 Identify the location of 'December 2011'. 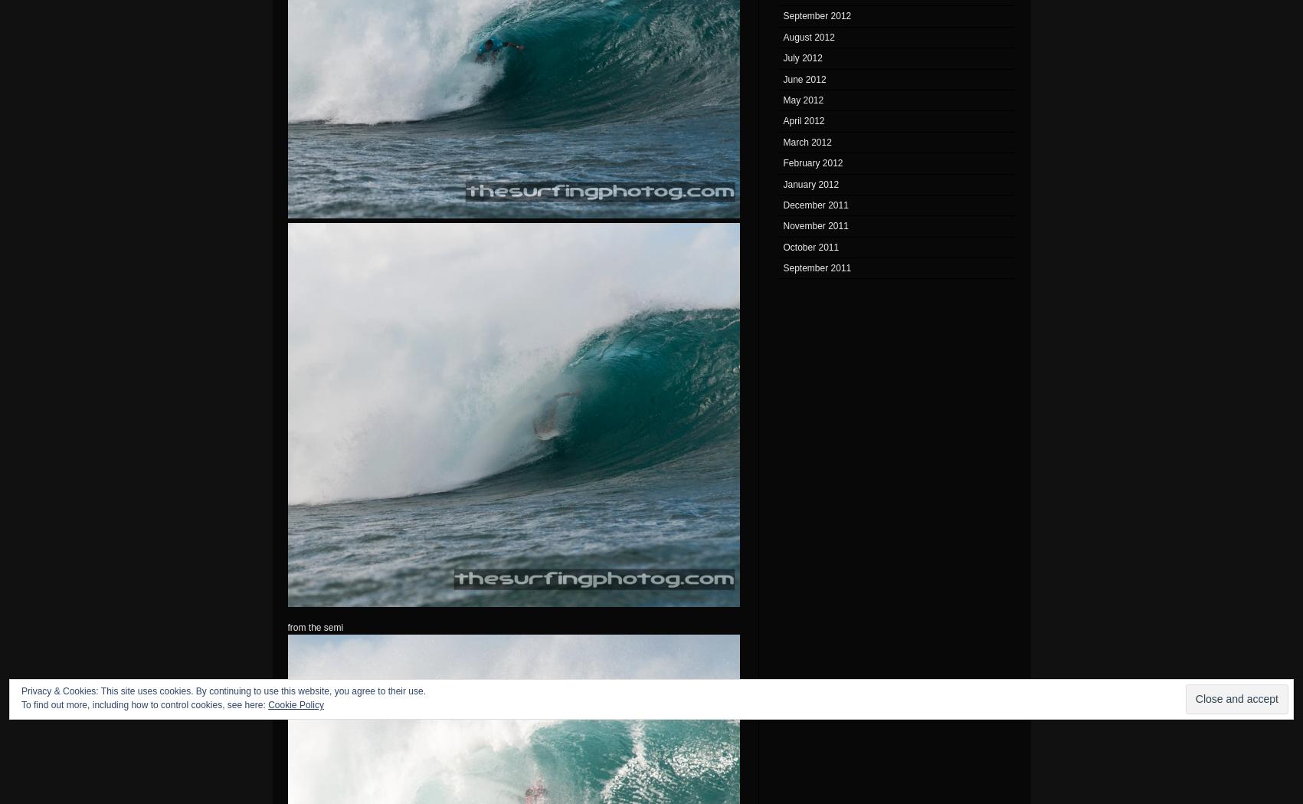
(782, 203).